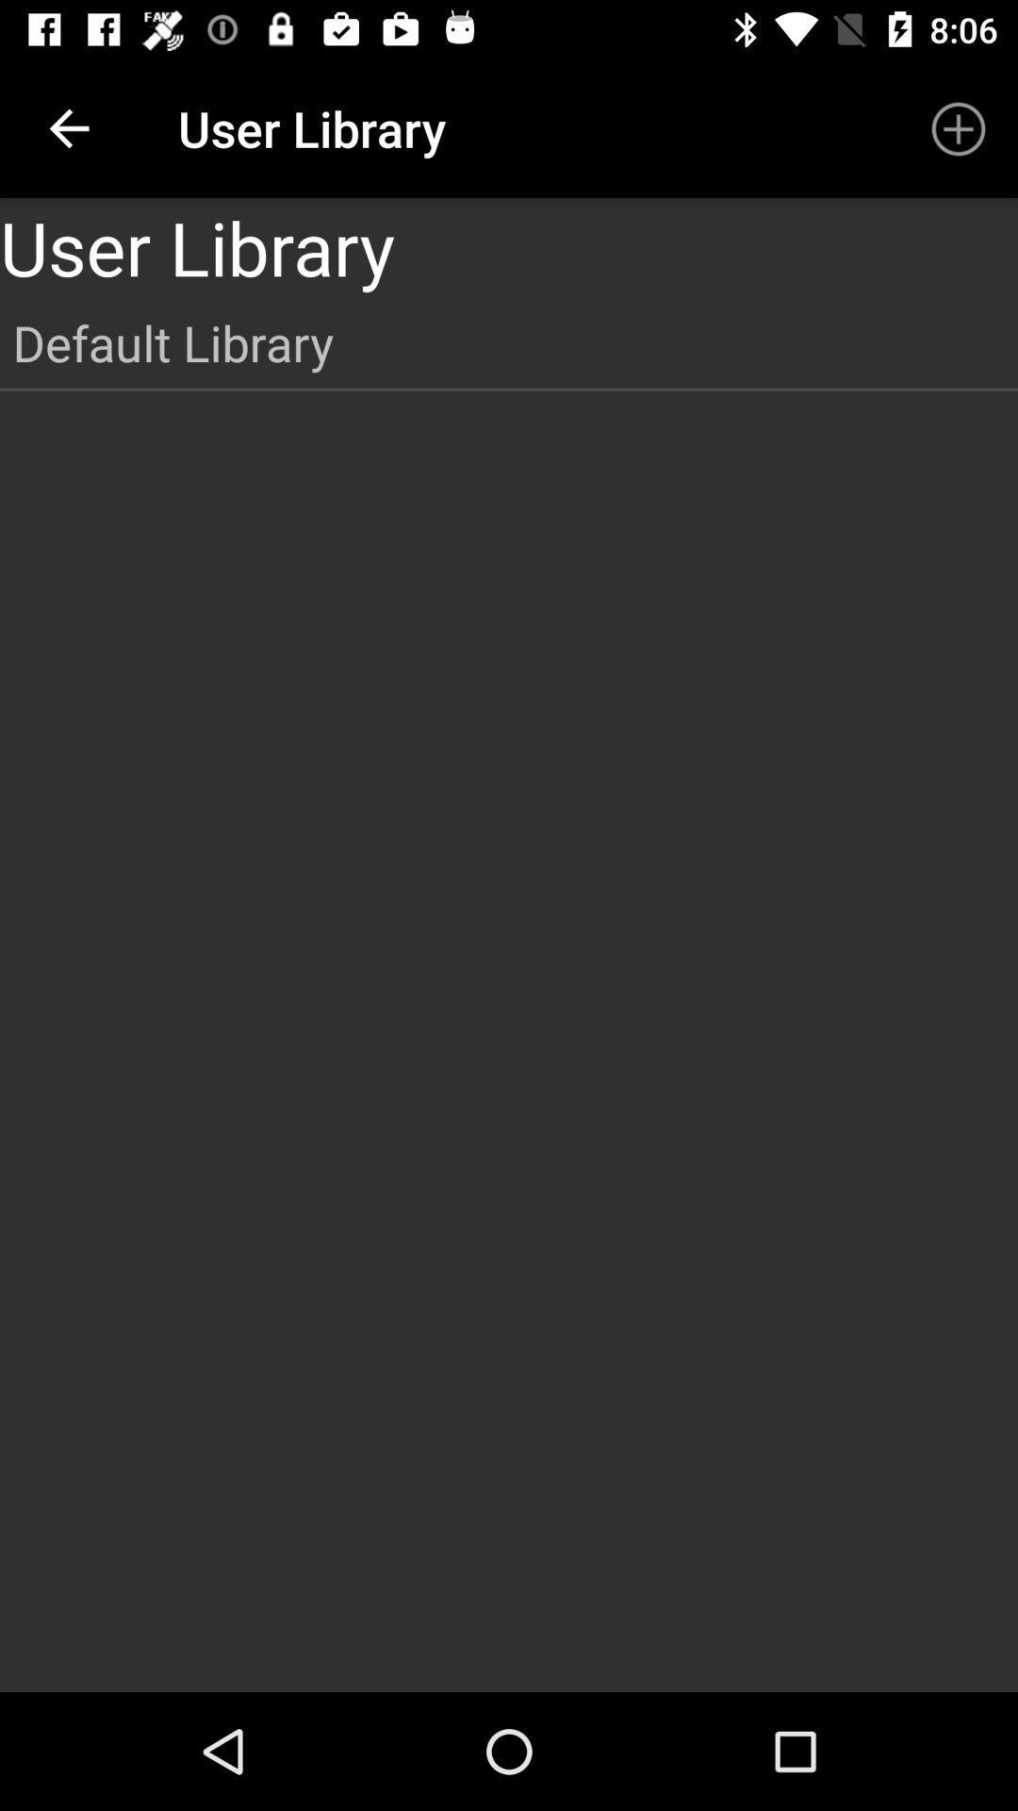 Image resolution: width=1018 pixels, height=1811 pixels. I want to click on item above user library item, so click(68, 127).